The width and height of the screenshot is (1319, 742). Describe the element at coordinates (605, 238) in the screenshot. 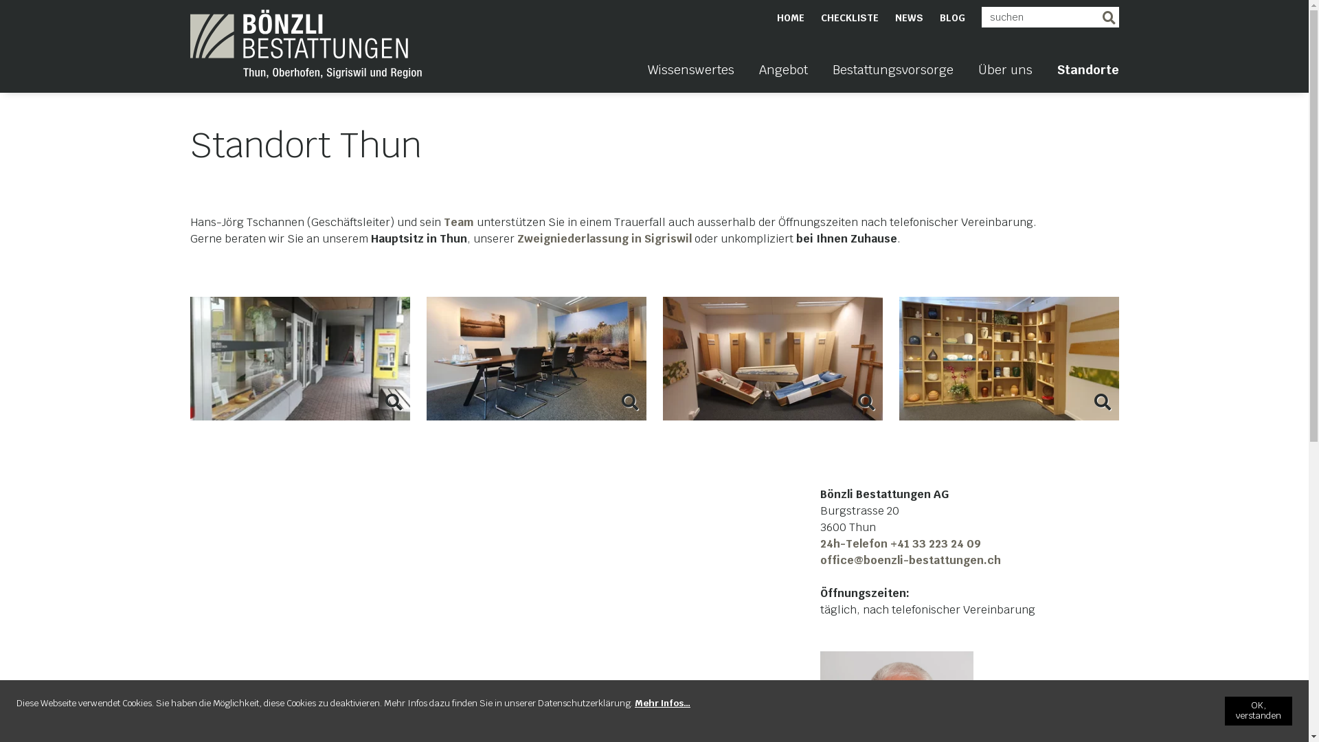

I see `'Zweigniederlassung in Sigriswil'` at that location.